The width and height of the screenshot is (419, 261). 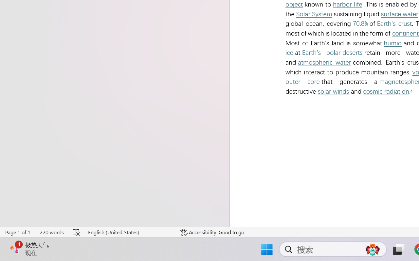 What do you see at coordinates (314, 14) in the screenshot?
I see `'Solar System'` at bounding box center [314, 14].